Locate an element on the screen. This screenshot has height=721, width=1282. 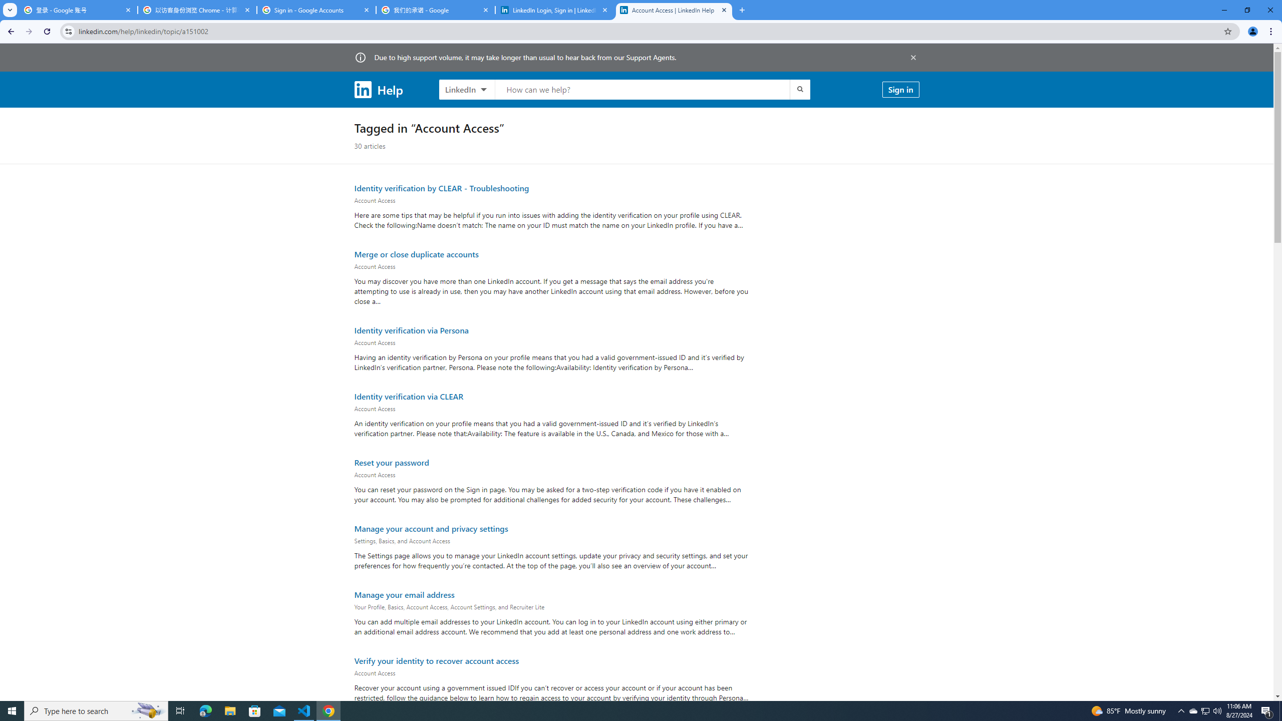
'LinkedIn products to search, LinkedIn selected' is located at coordinates (467, 89).